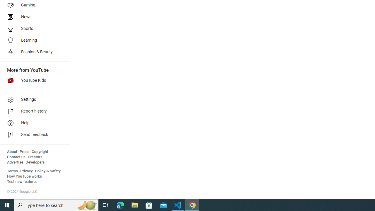  What do you see at coordinates (33, 52) in the screenshot?
I see `'Fashion & Beauty'` at bounding box center [33, 52].